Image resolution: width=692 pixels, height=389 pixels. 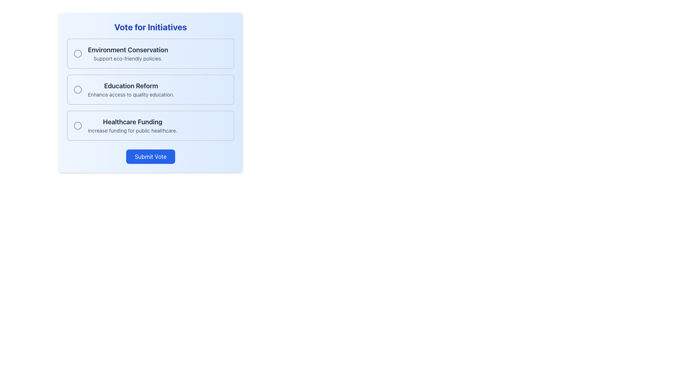 I want to click on the text label that serves as the header for the second voting option, located above the description 'Enhance access to quality education', so click(x=131, y=86).